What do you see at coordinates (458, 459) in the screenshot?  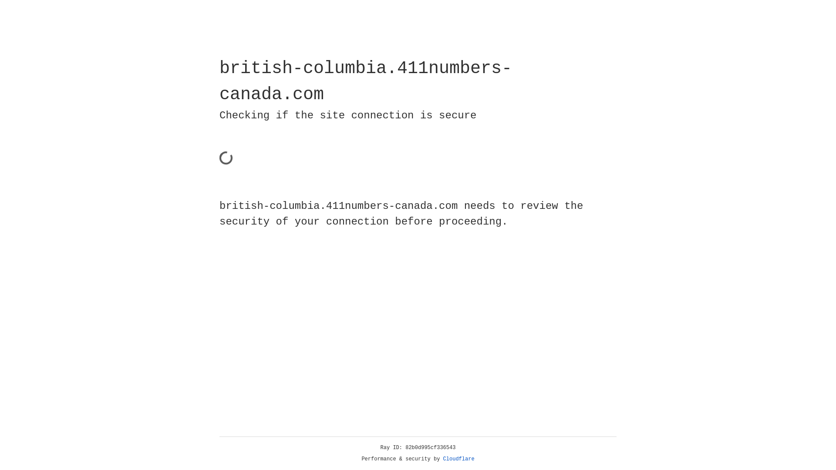 I see `'Cloudflare'` at bounding box center [458, 459].